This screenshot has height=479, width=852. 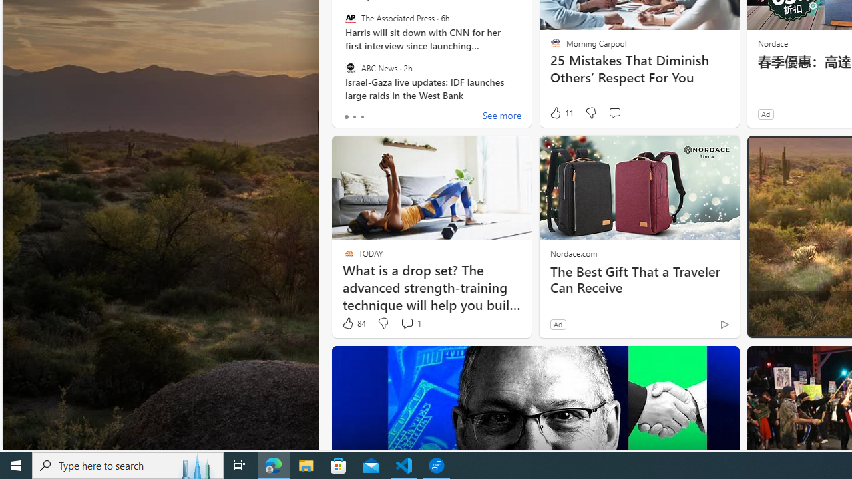 What do you see at coordinates (362, 116) in the screenshot?
I see `'tab-2'` at bounding box center [362, 116].